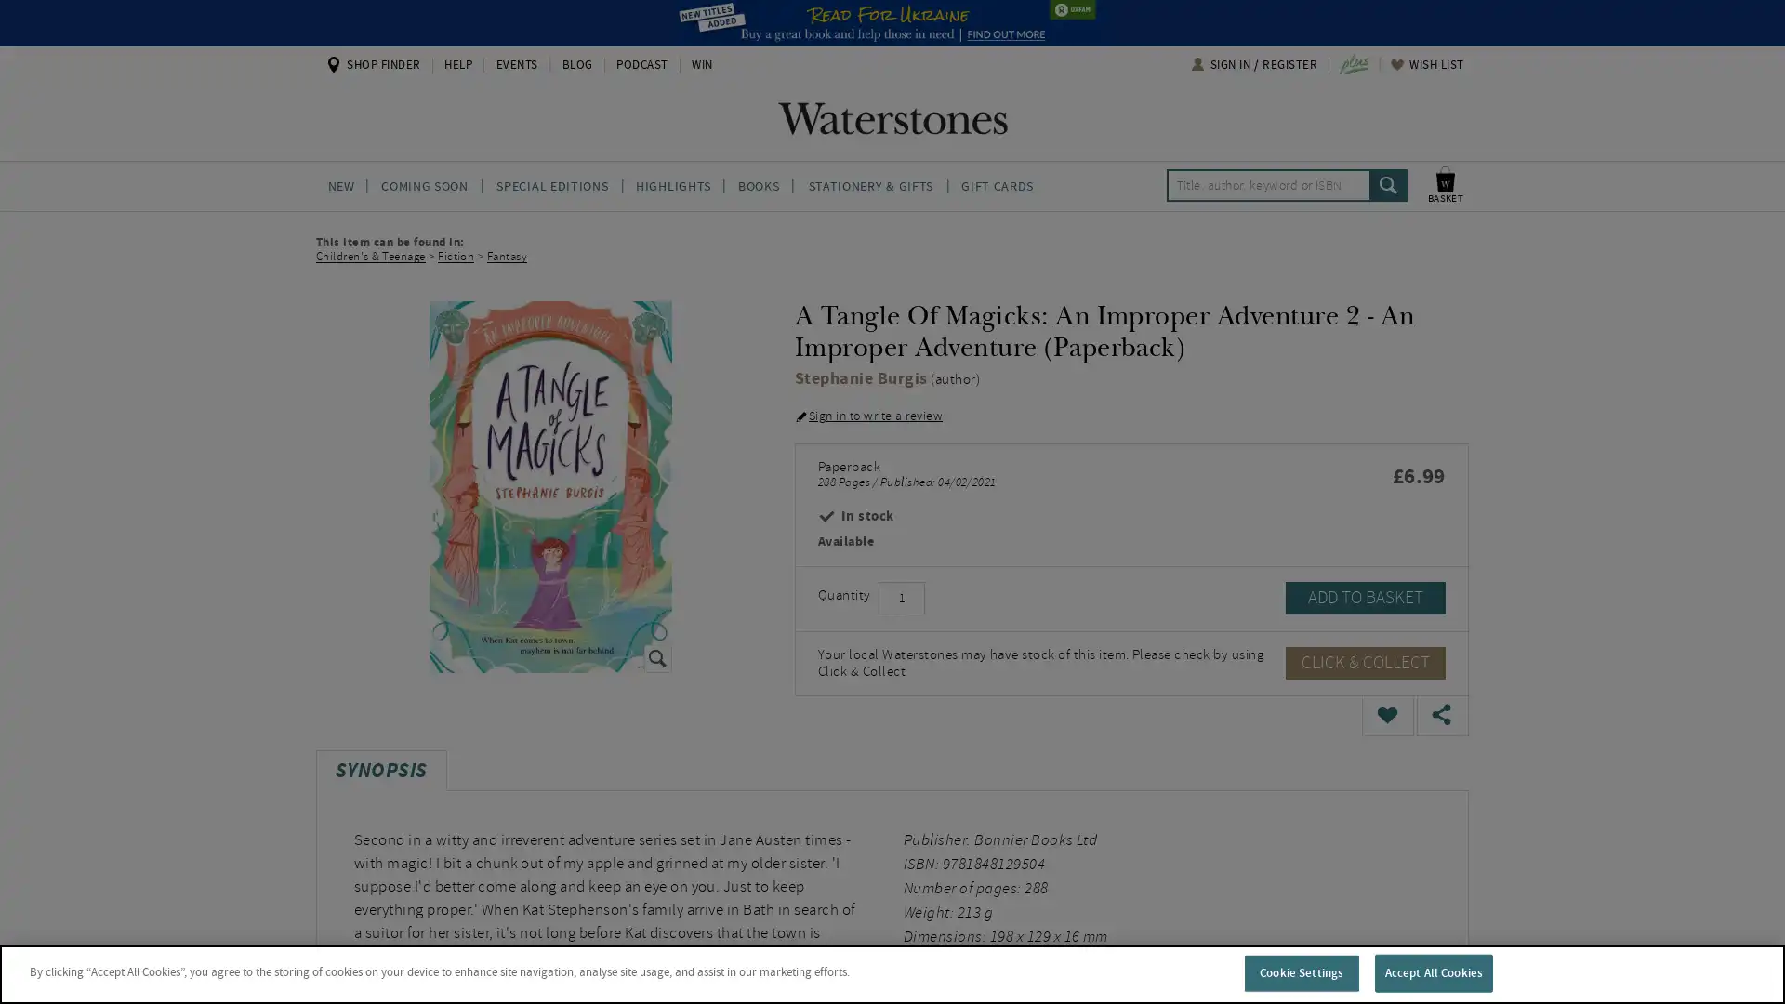 This screenshot has height=1004, width=1785. I want to click on CLICK & COLLECT, so click(1365, 661).